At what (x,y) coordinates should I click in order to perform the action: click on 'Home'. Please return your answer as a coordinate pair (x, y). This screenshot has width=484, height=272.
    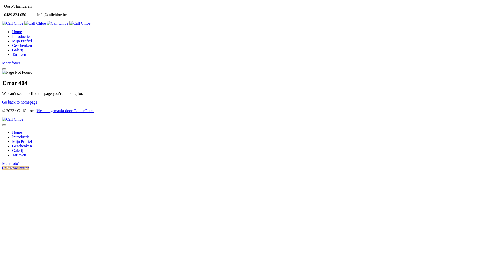
    Looking at the image, I should click on (12, 32).